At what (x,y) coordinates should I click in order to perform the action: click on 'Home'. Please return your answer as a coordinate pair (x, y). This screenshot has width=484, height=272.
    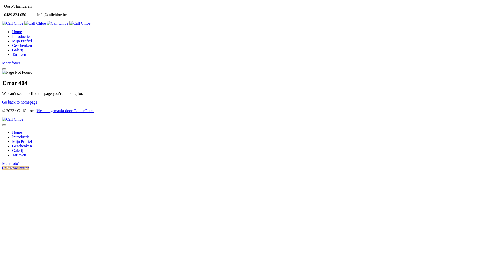
    Looking at the image, I should click on (12, 32).